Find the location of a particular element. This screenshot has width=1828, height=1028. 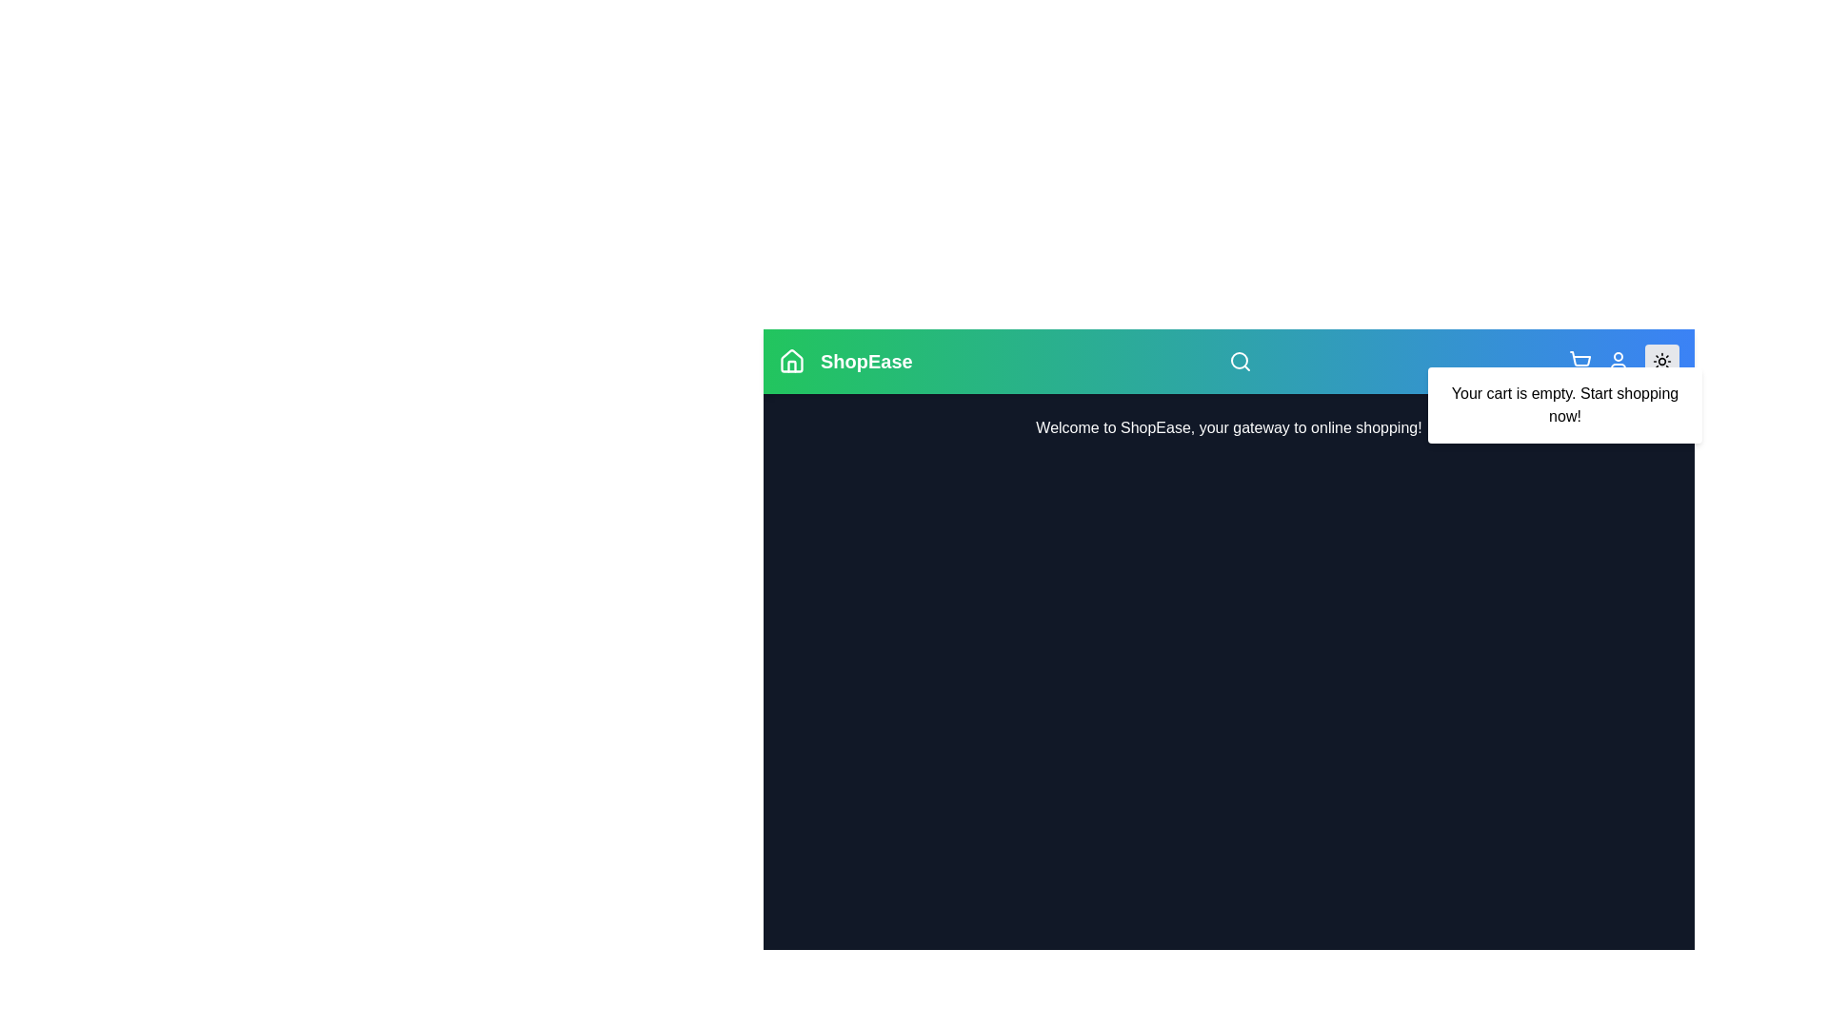

the search icon in the navigation bar is located at coordinates (1240, 362).